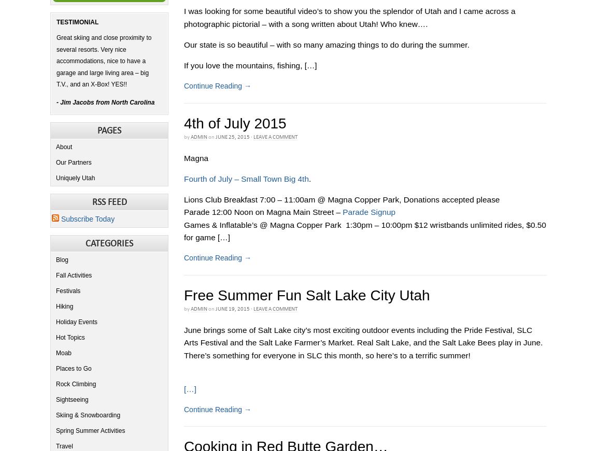  Describe the element at coordinates (250, 65) in the screenshot. I see `'If you love the mountains, fishing, […]'` at that location.